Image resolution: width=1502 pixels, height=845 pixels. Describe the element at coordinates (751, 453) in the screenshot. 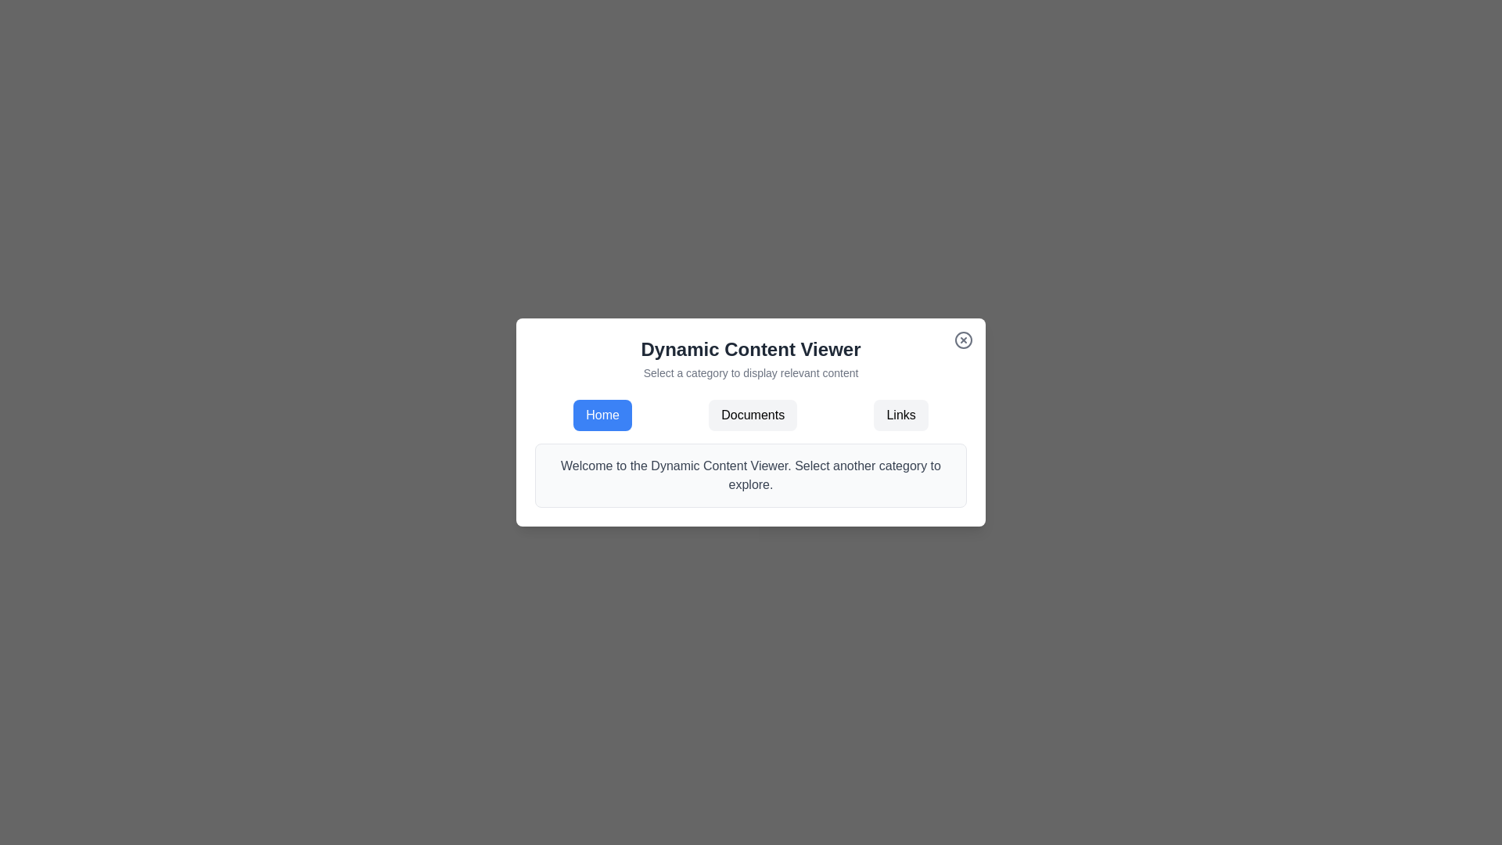

I see `the navigation options within the Composite component located in the center of the content viewer modal beneath the title 'Dynamic Content Viewer'` at that location.